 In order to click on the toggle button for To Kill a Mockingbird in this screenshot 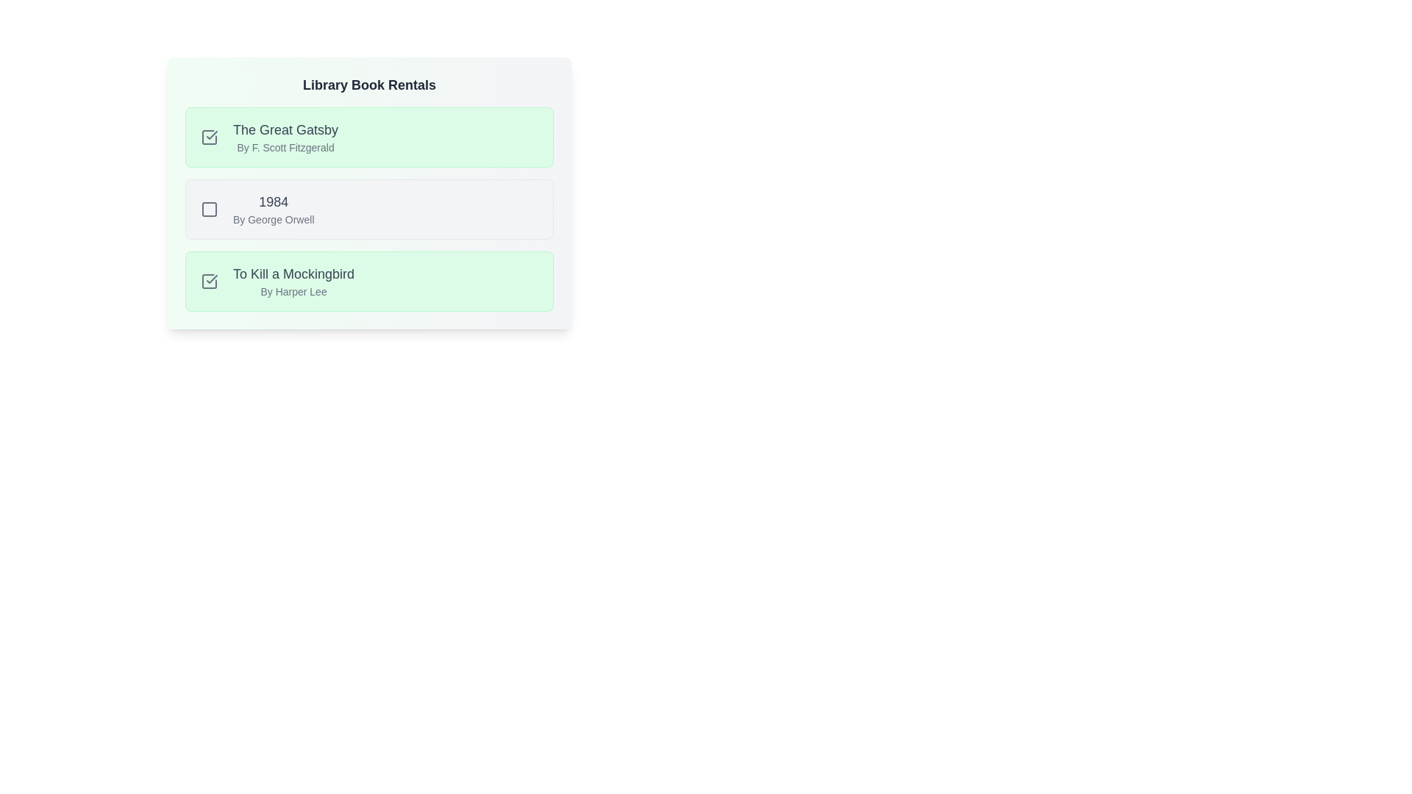, I will do `click(208, 281)`.